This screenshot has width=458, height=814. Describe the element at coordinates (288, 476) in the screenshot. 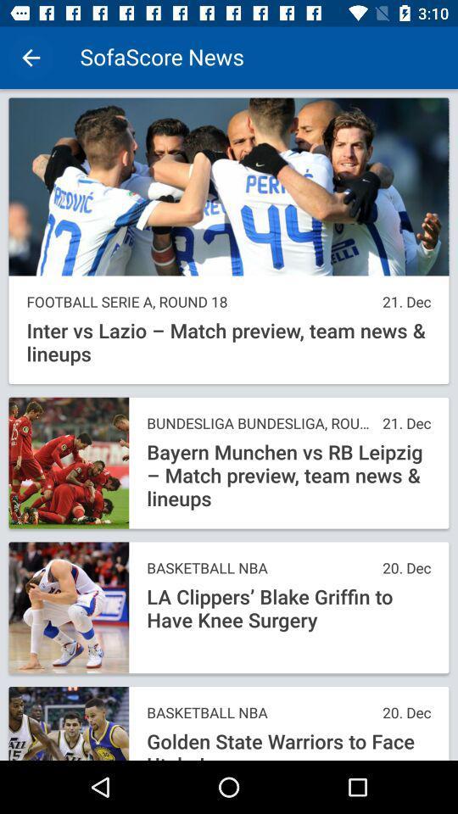

I see `bayern munchen vs item` at that location.